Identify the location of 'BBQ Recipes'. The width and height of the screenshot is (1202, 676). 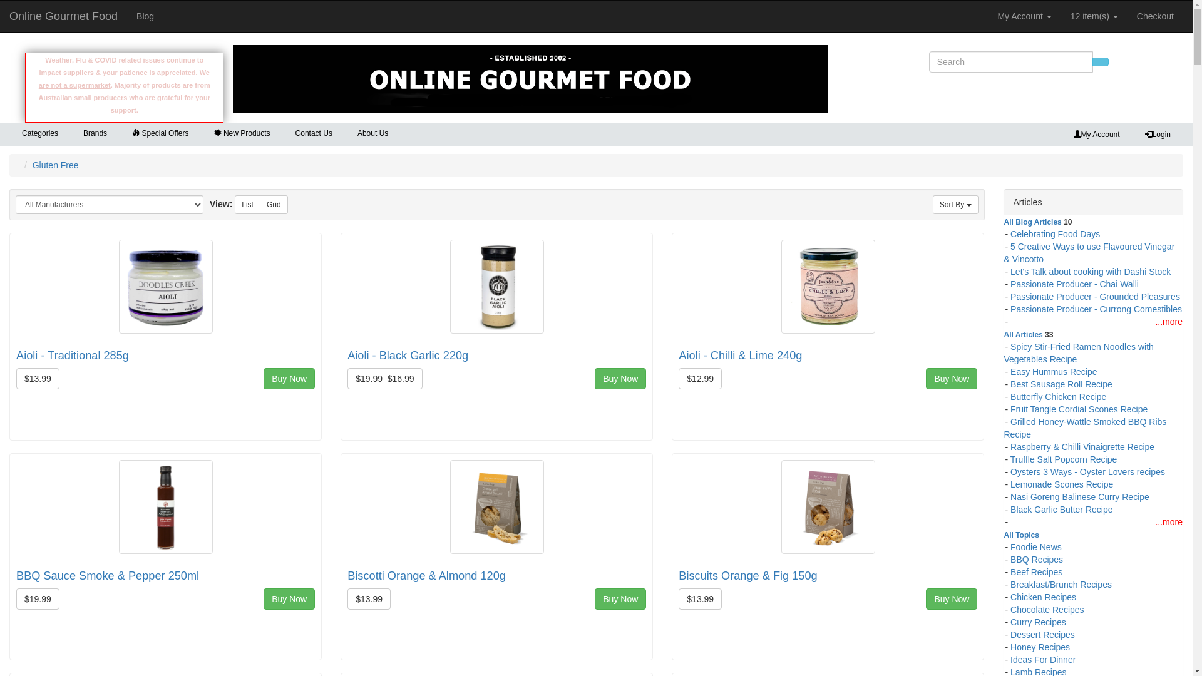
(1037, 557).